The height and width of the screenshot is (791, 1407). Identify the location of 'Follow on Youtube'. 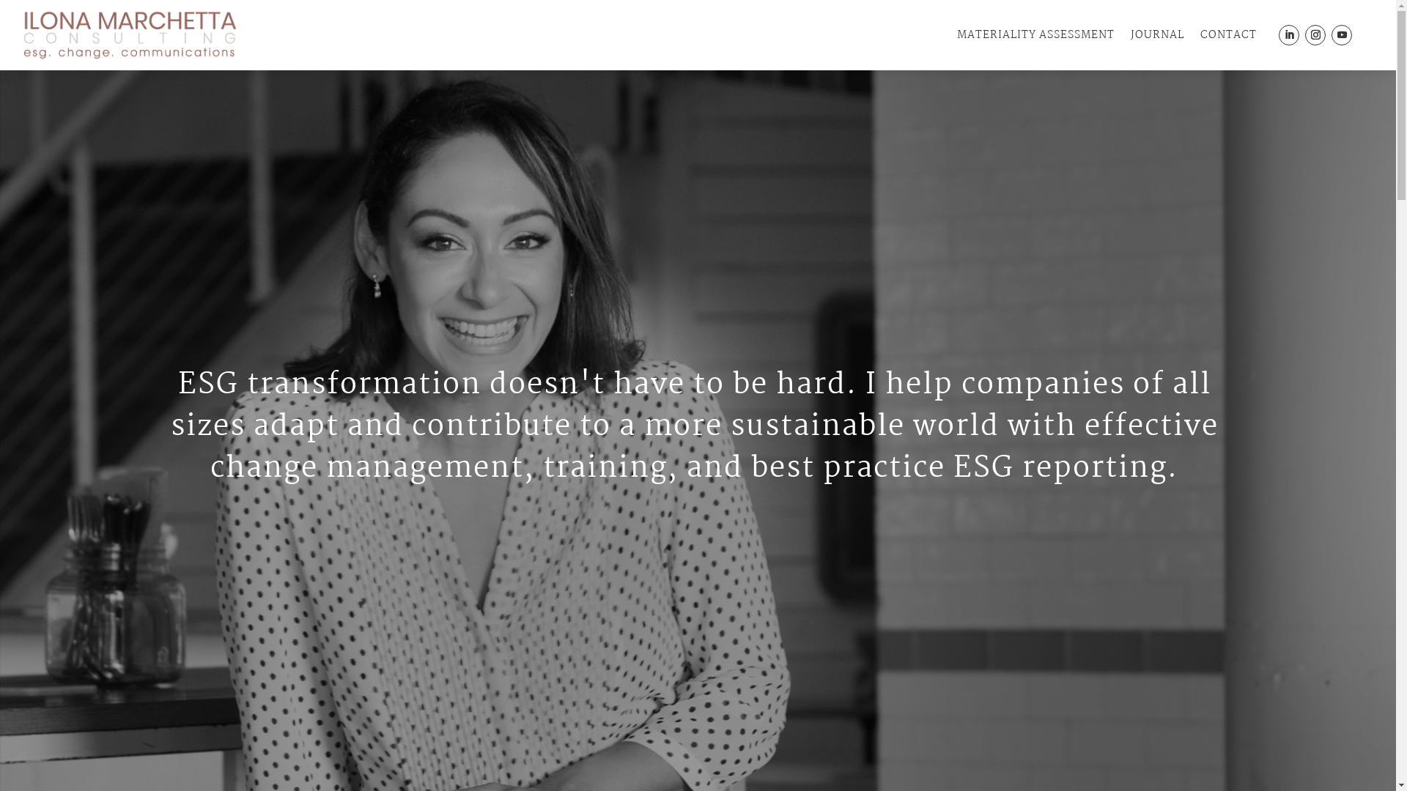
(1341, 34).